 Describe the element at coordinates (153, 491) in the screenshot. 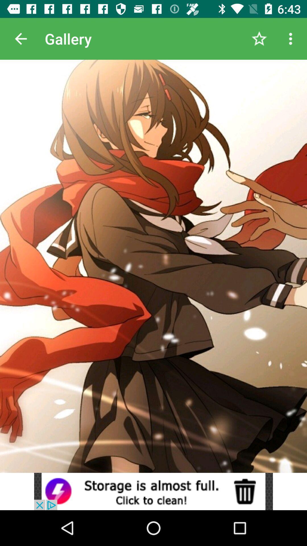

I see `click the advertisement` at that location.